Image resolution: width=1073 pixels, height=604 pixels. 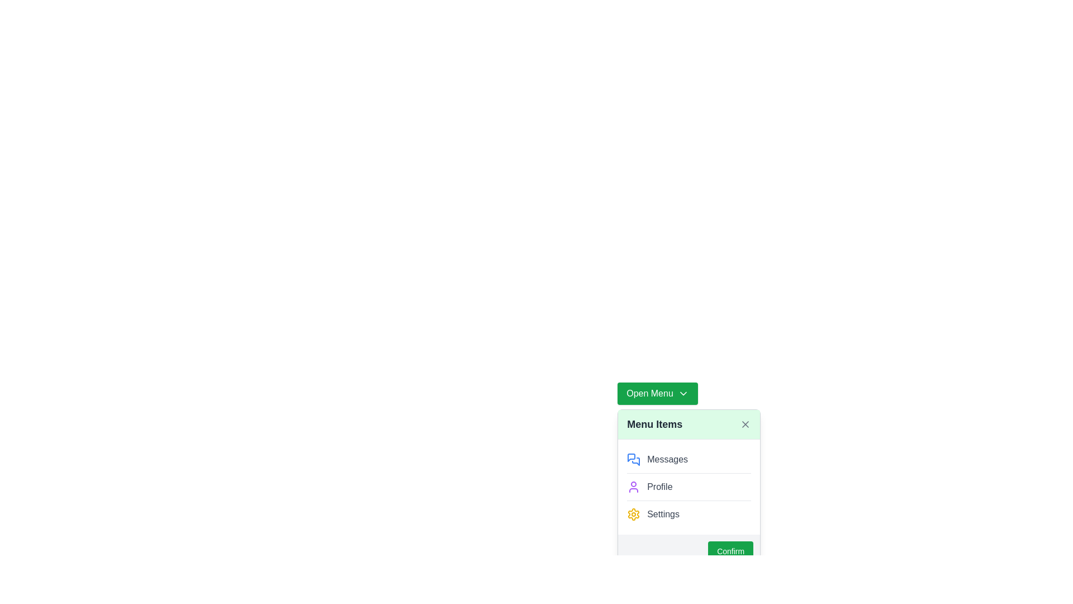 What do you see at coordinates (689, 486) in the screenshot?
I see `the 'Profile' menu entry item, which is the second entry in a vertical list within the popup interface` at bounding box center [689, 486].